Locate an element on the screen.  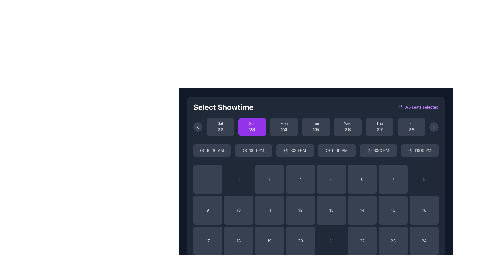
the small, circular button with a dark gray background and a white leftward-pointing chevron icon is located at coordinates (198, 127).